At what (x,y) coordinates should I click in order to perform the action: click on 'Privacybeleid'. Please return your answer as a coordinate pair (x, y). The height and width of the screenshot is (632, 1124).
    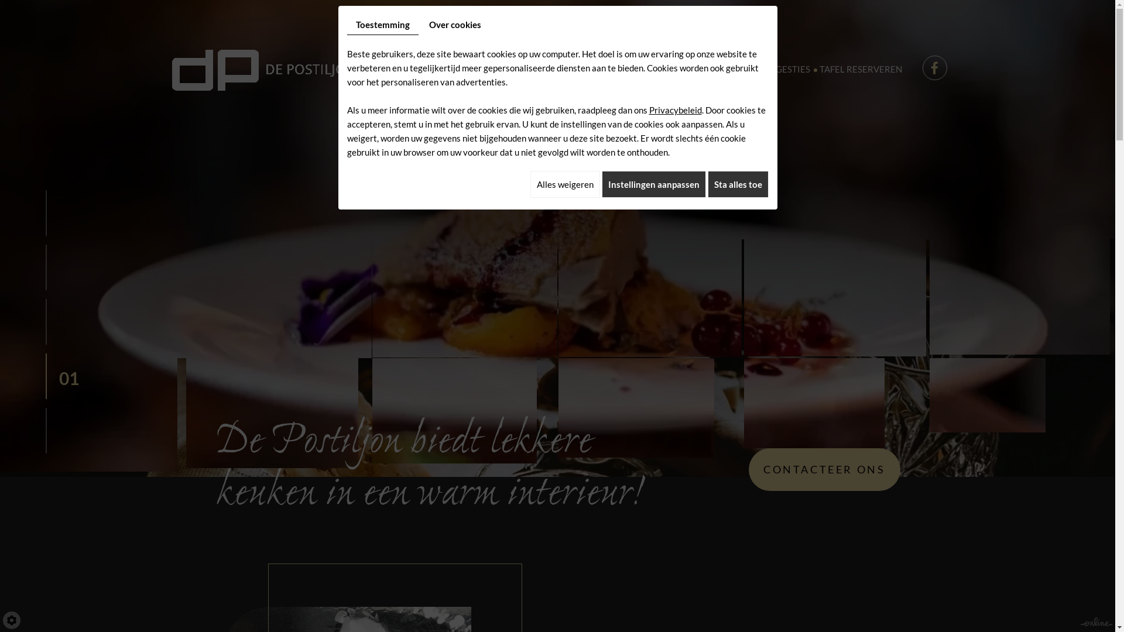
    Looking at the image, I should click on (674, 110).